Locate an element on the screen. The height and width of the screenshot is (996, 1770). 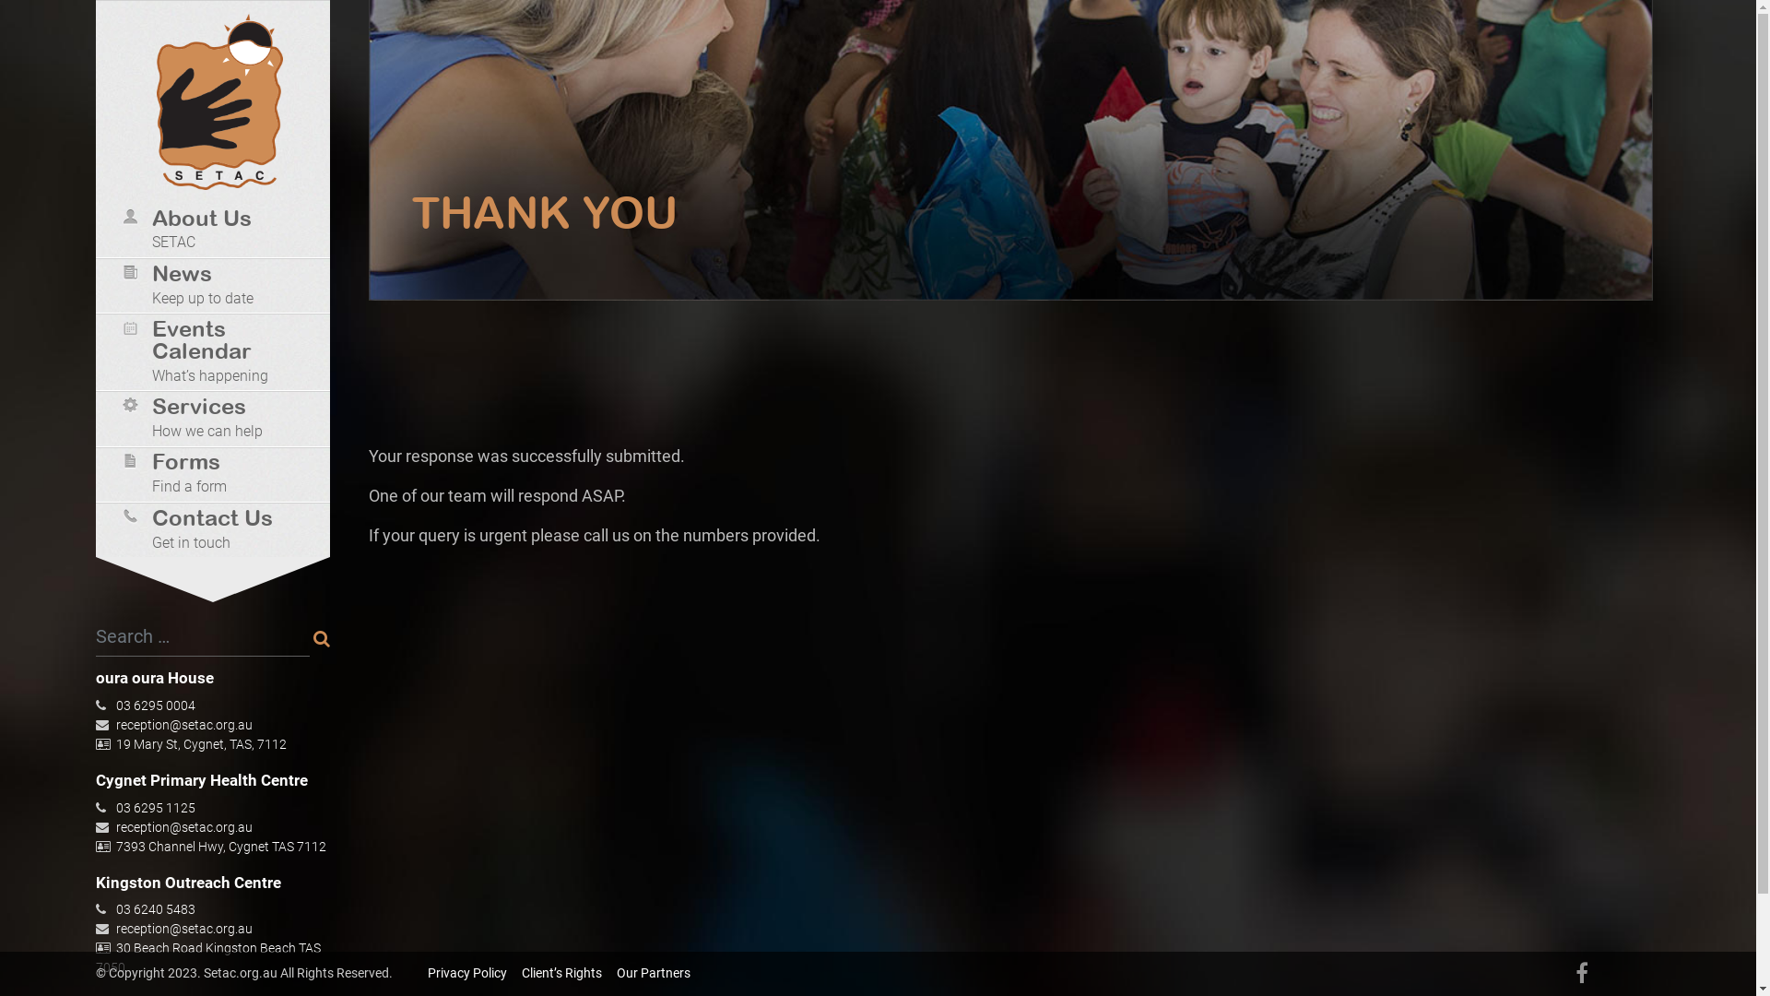
'Privacy Policy' is located at coordinates (467, 972).